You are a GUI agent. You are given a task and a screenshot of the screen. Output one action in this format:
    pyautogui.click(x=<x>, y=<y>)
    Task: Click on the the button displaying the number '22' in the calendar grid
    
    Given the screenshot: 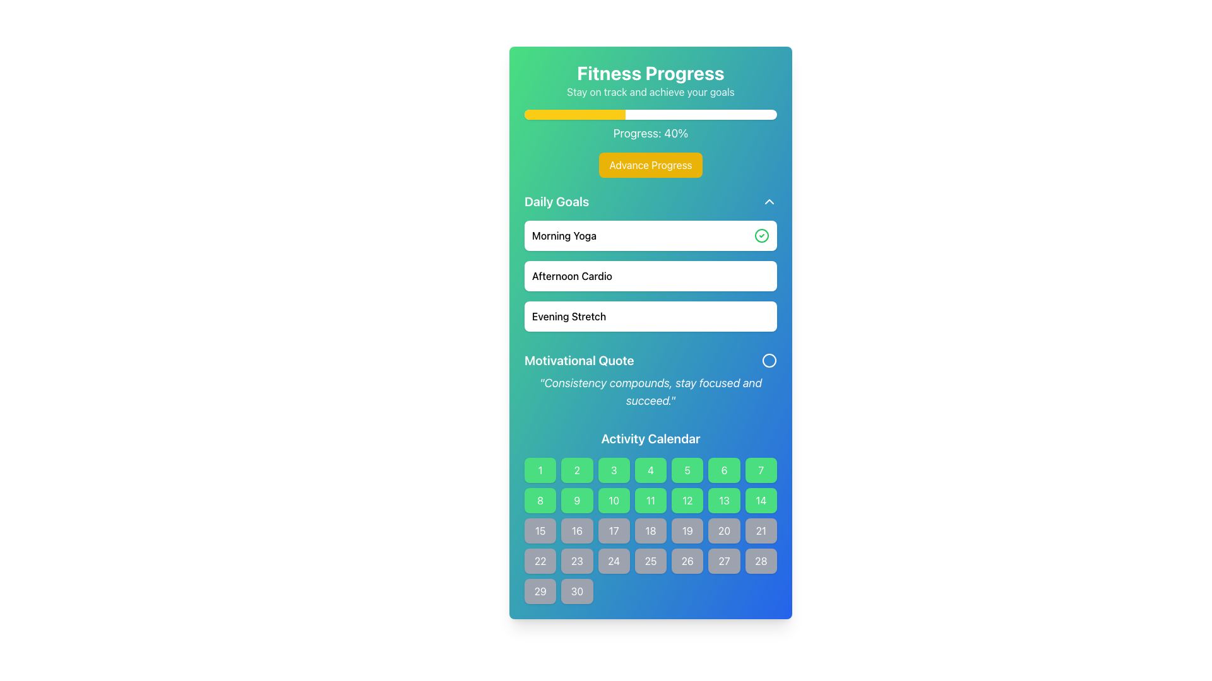 What is the action you would take?
    pyautogui.click(x=540, y=561)
    